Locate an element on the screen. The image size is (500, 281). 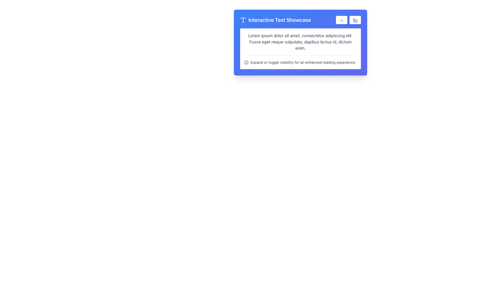
the eye-slash button located in the upper-right corner of the 'Interactive Text Showcase' header section, which is part of the grouped interactive icons is located at coordinates (348, 20).